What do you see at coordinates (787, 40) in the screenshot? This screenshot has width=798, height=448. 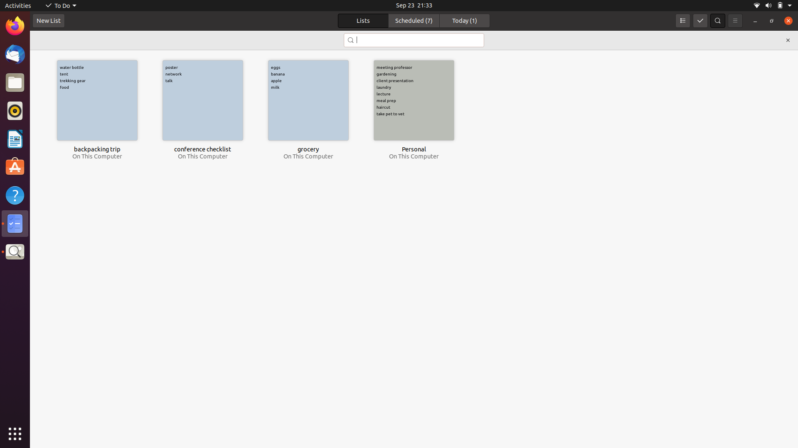 I see `Terminate search bar with the aid of mouse click` at bounding box center [787, 40].